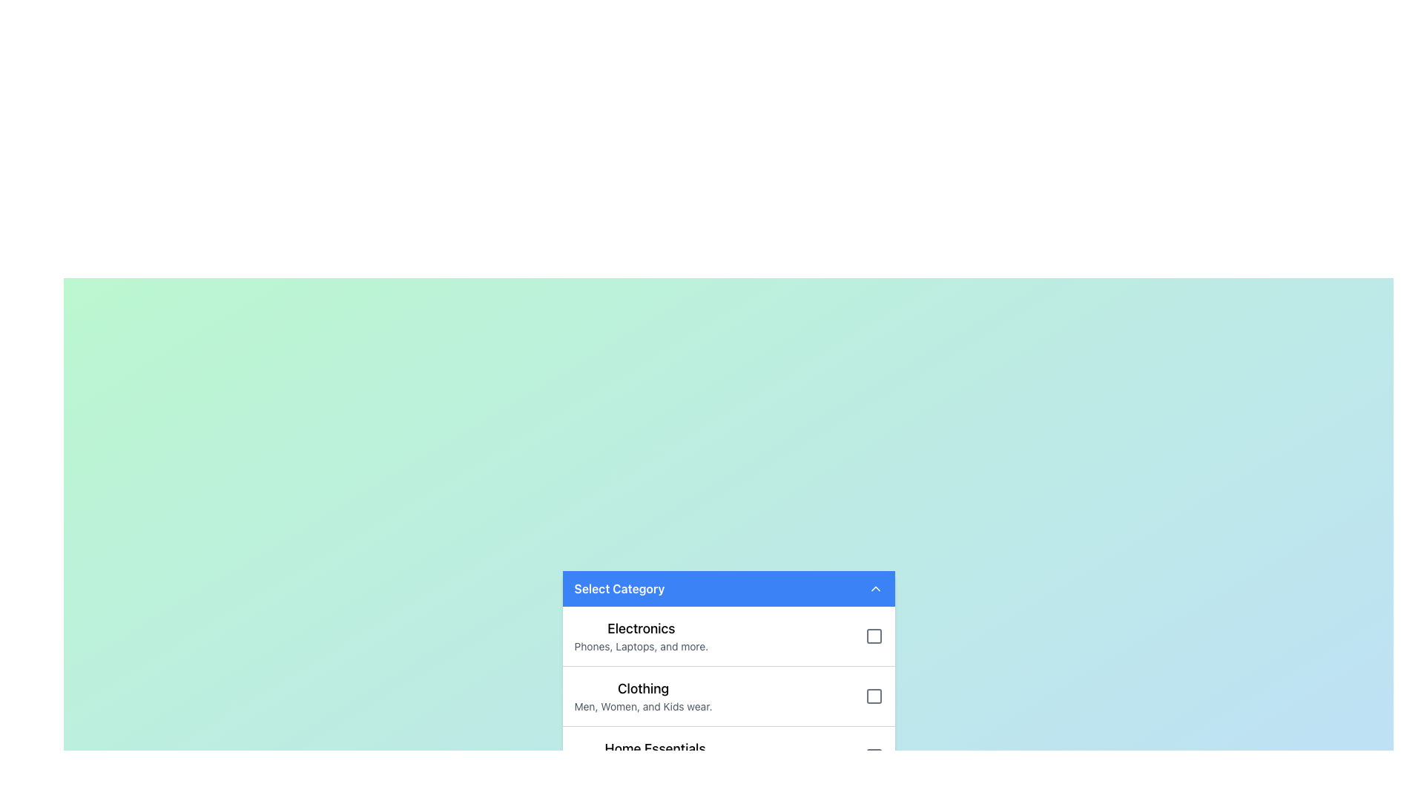 The height and width of the screenshot is (801, 1424). Describe the element at coordinates (874, 756) in the screenshot. I see `the square-shaped icon with a gray border and hollow center located on the far right side of the 'Home Essentials' row` at that location.